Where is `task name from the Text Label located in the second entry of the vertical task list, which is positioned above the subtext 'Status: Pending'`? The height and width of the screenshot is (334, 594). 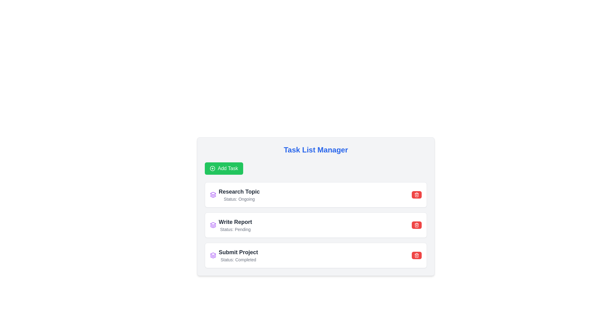
task name from the Text Label located in the second entry of the vertical task list, which is positioned above the subtext 'Status: Pending' is located at coordinates (235, 221).